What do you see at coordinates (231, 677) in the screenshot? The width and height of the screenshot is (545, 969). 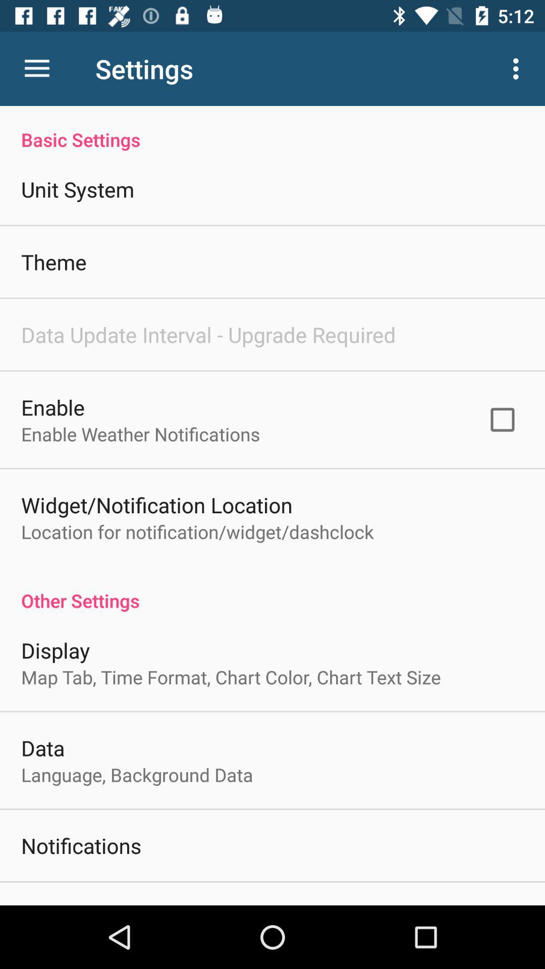 I see `the map tab time icon` at bounding box center [231, 677].